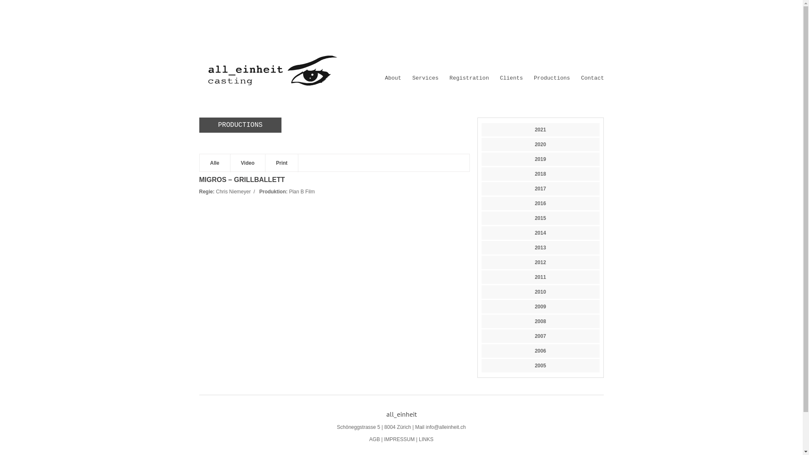  What do you see at coordinates (481, 159) in the screenshot?
I see `'2019'` at bounding box center [481, 159].